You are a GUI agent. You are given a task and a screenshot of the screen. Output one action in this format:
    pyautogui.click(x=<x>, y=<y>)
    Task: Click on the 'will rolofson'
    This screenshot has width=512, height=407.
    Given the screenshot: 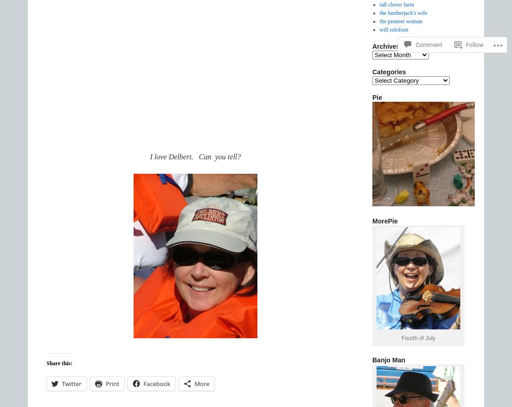 What is the action you would take?
    pyautogui.click(x=393, y=30)
    